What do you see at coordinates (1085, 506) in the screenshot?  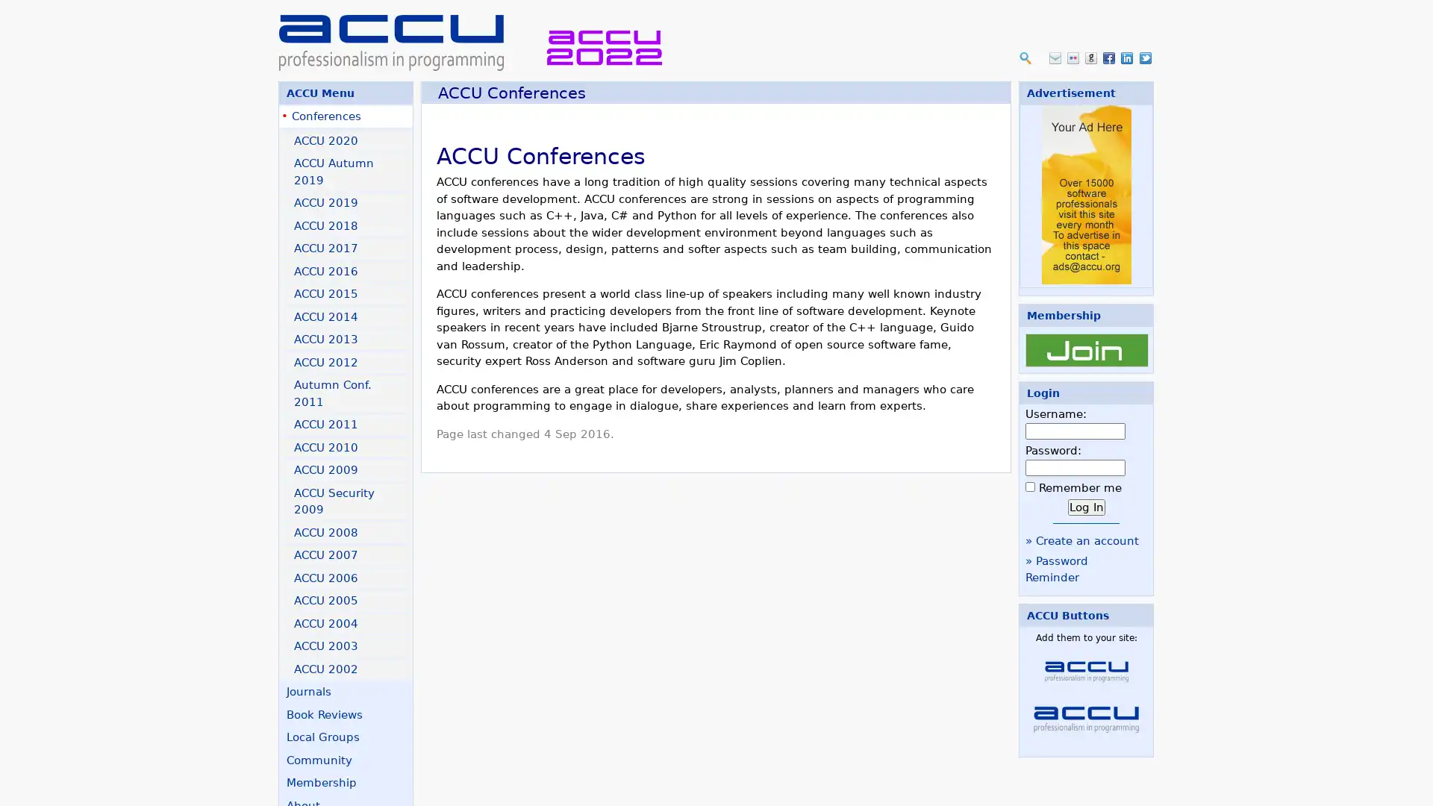 I see `Log In` at bounding box center [1085, 506].